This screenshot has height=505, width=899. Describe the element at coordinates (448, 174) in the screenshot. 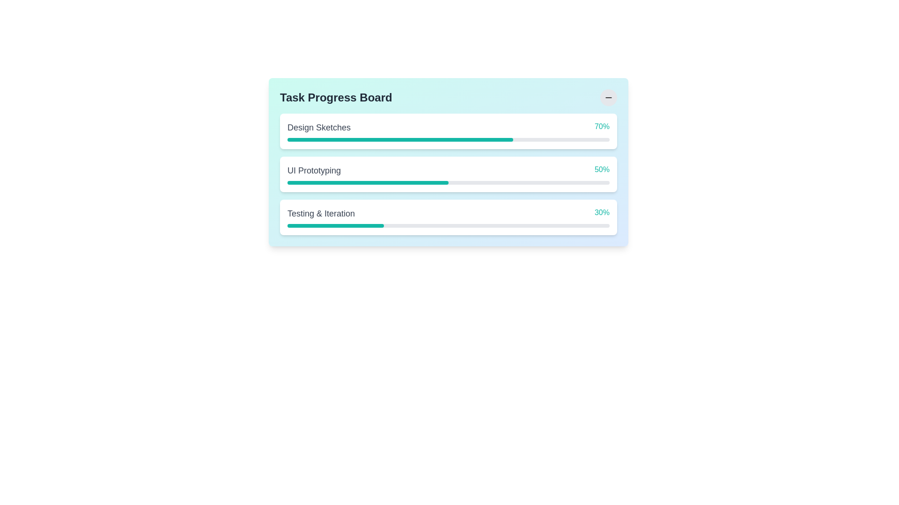

I see `the progress bars for 'Design Sketches', 'UI Prototyping', and 'Testing & Iteration' located at the center of the 'Task Progress Board' to infer task completion` at that location.